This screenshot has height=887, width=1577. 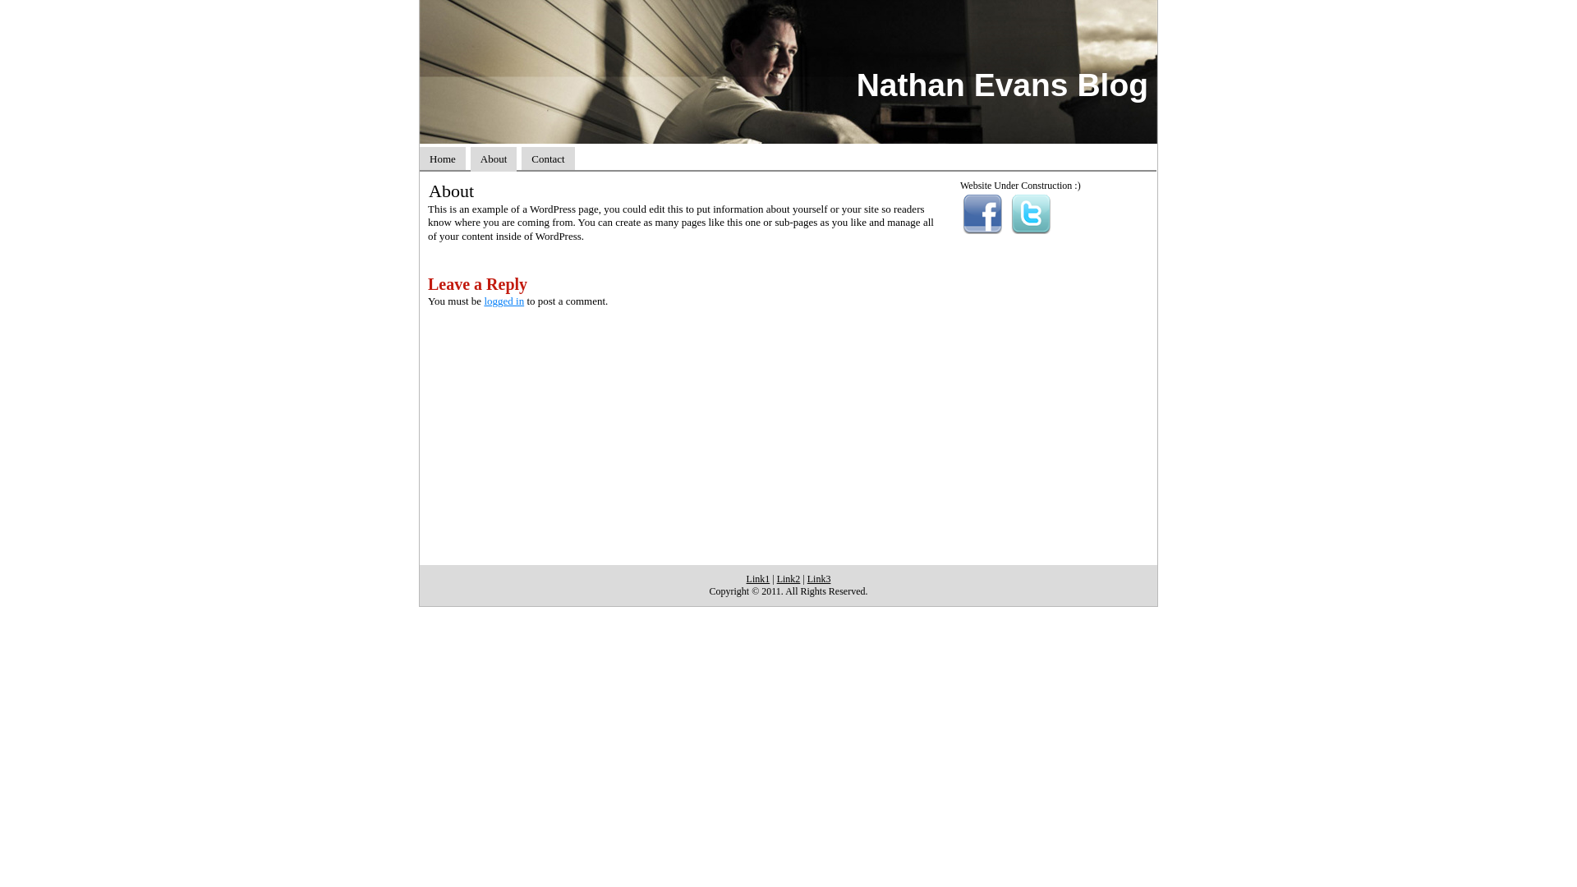 What do you see at coordinates (788, 578) in the screenshot?
I see `'Link2'` at bounding box center [788, 578].